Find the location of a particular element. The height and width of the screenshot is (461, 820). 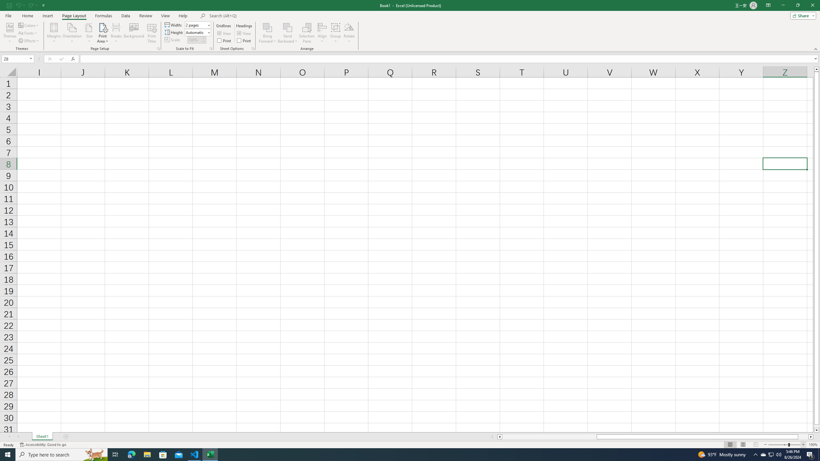

'Breaks' is located at coordinates (116, 33).